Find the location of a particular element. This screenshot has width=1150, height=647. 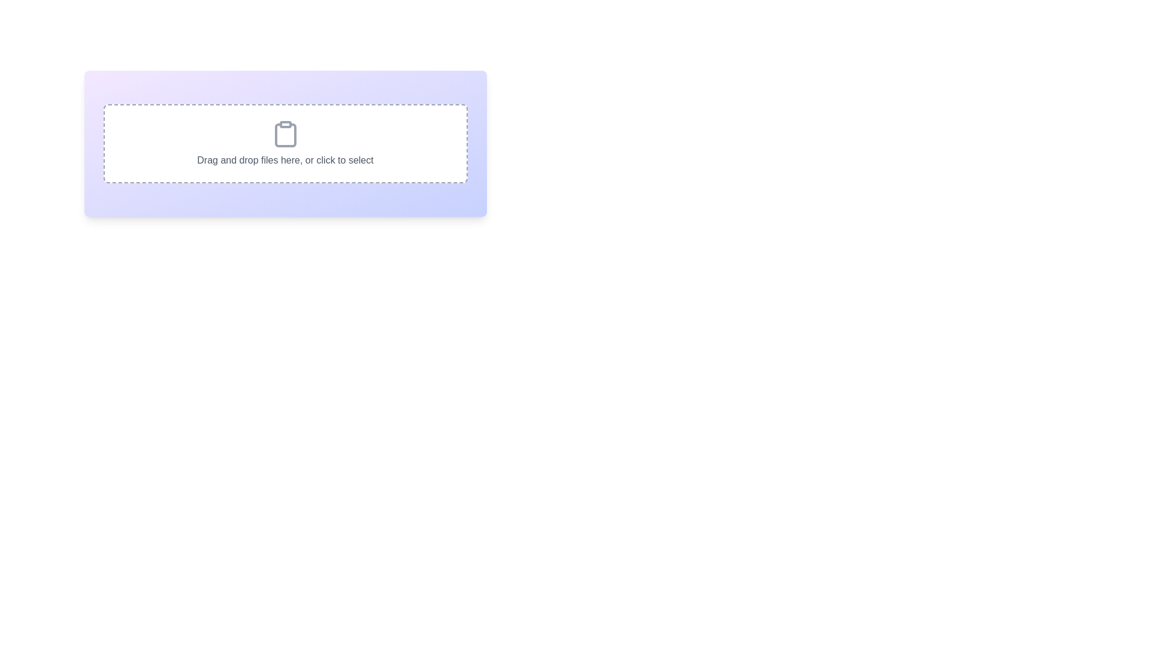

the clipboard icon, which is a light gray SVG icon with a rectangular body and a clip cutout, located above the text 'Drag and drop files here, or click to select.' is located at coordinates (285, 134).